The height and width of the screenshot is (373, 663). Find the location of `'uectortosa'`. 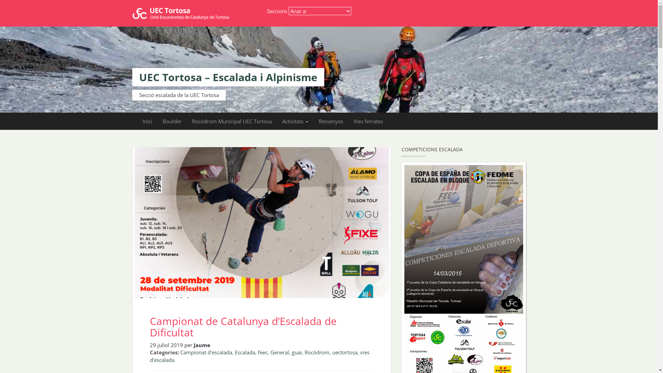

'uectortosa' is located at coordinates (345, 352).